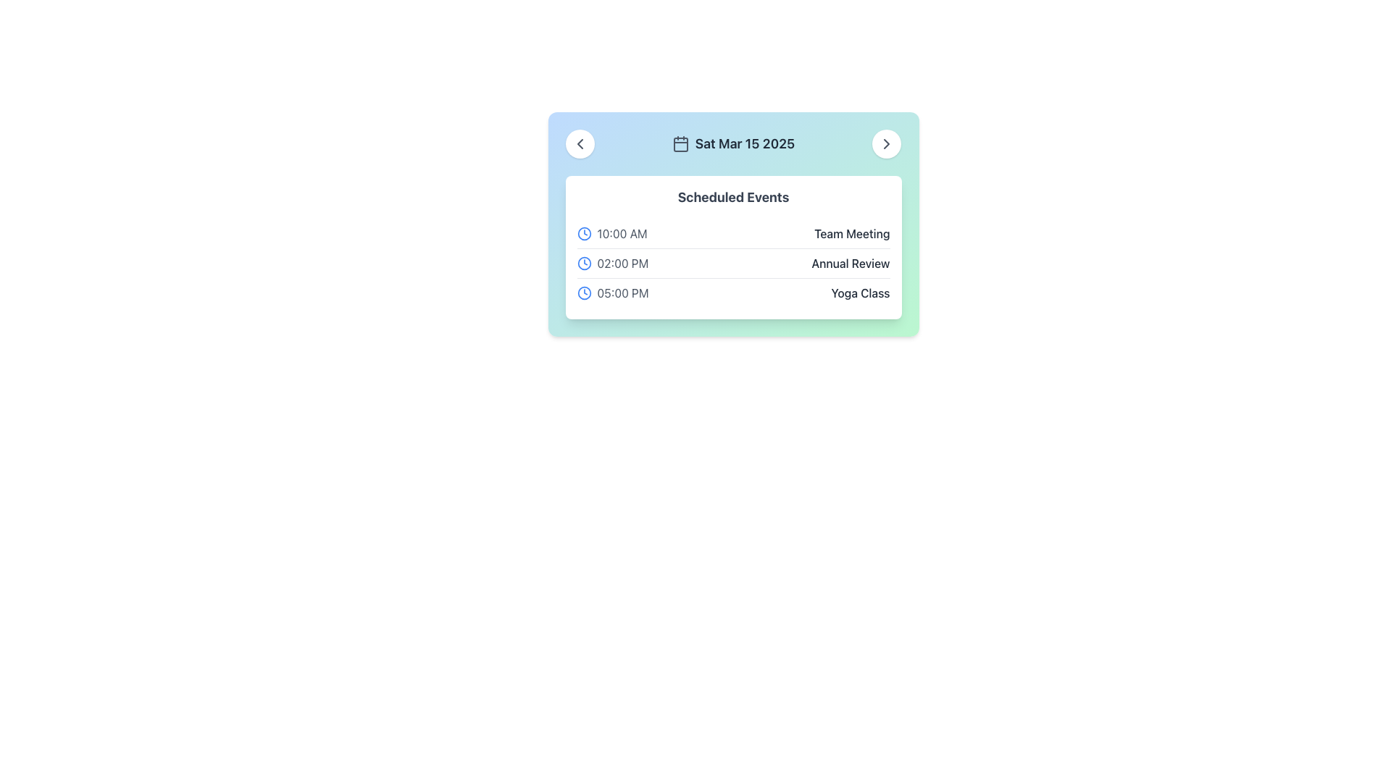 Image resolution: width=1391 pixels, height=782 pixels. What do you see at coordinates (680, 144) in the screenshot?
I see `the calendar icon located in the upper section of the interface, to the left of the date text 'Sat Mar 15 2025'` at bounding box center [680, 144].